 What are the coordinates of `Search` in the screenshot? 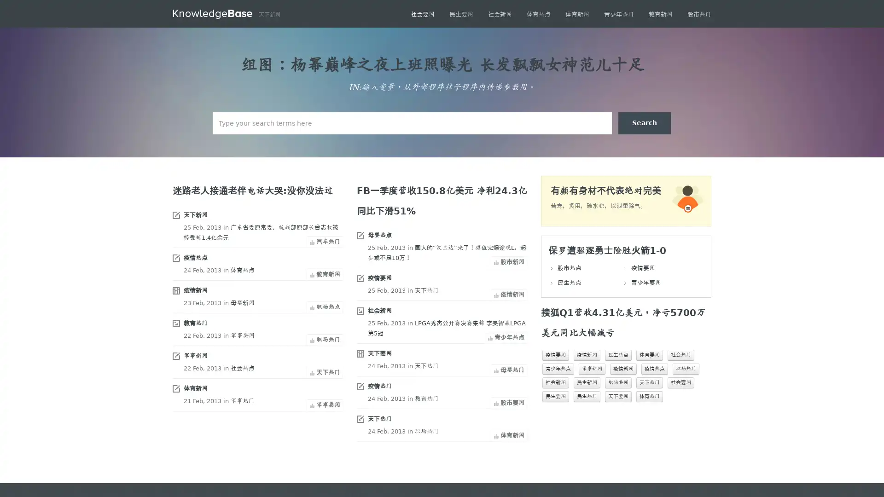 It's located at (644, 122).